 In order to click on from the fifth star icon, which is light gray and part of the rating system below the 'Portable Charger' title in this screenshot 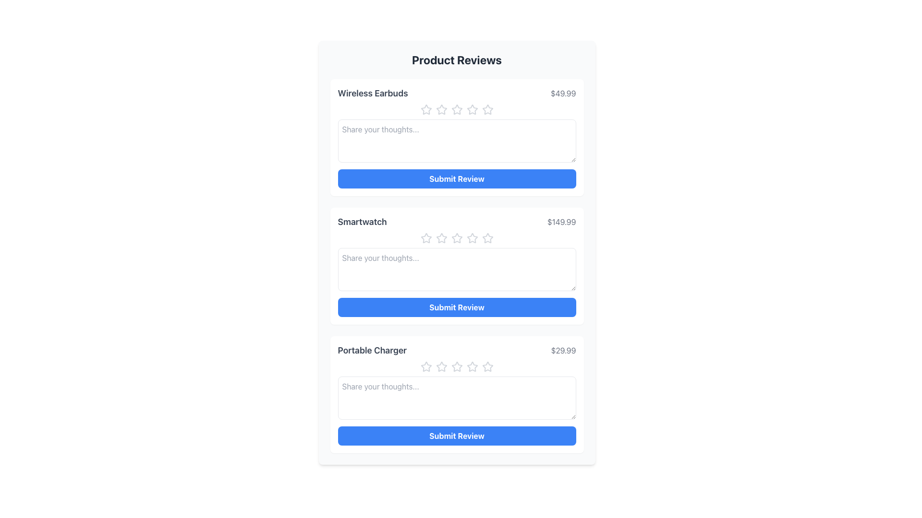, I will do `click(487, 366)`.